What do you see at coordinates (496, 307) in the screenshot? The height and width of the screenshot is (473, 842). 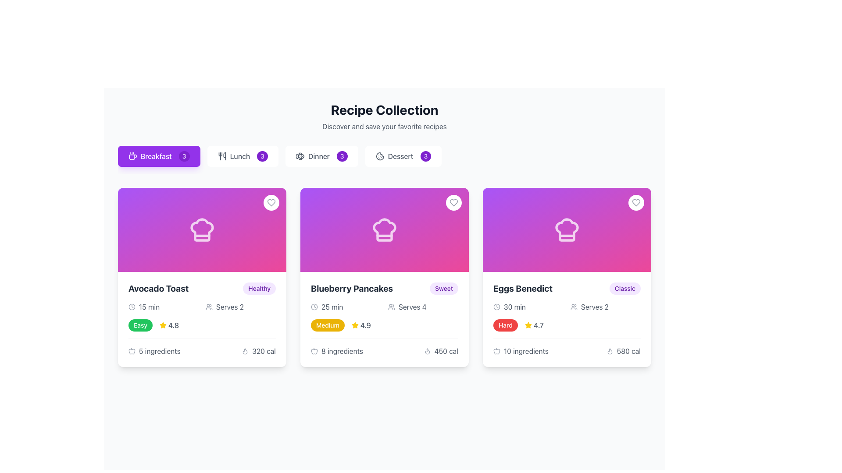 I see `the clock icon located to the left of the text '30 min' in the 'Eggs Benedict' card` at bounding box center [496, 307].